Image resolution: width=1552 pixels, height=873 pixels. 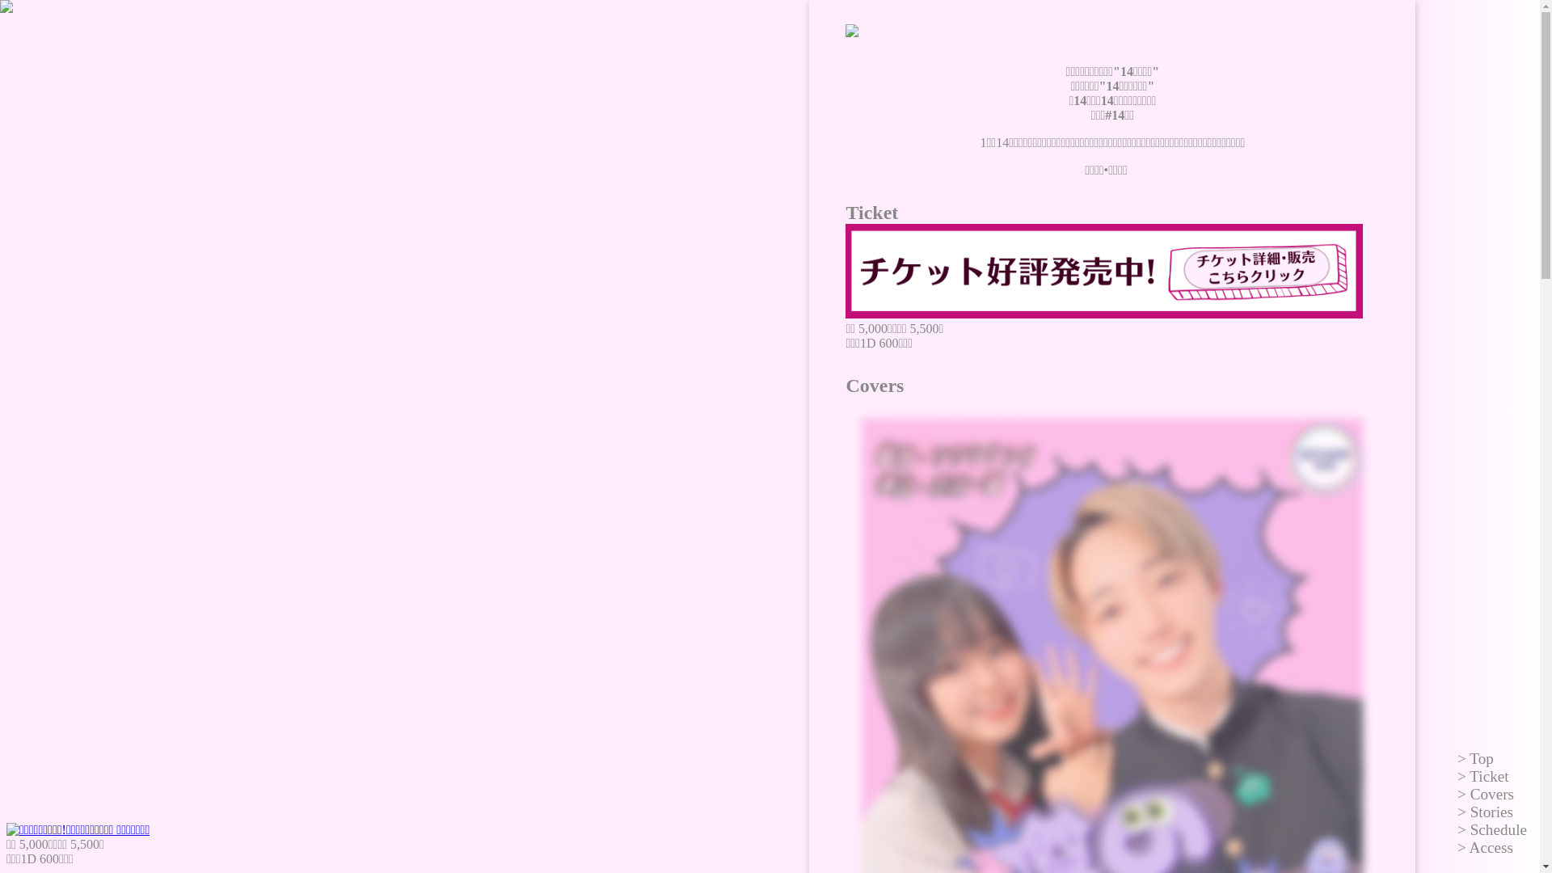 What do you see at coordinates (1486, 793) in the screenshot?
I see `'Covers'` at bounding box center [1486, 793].